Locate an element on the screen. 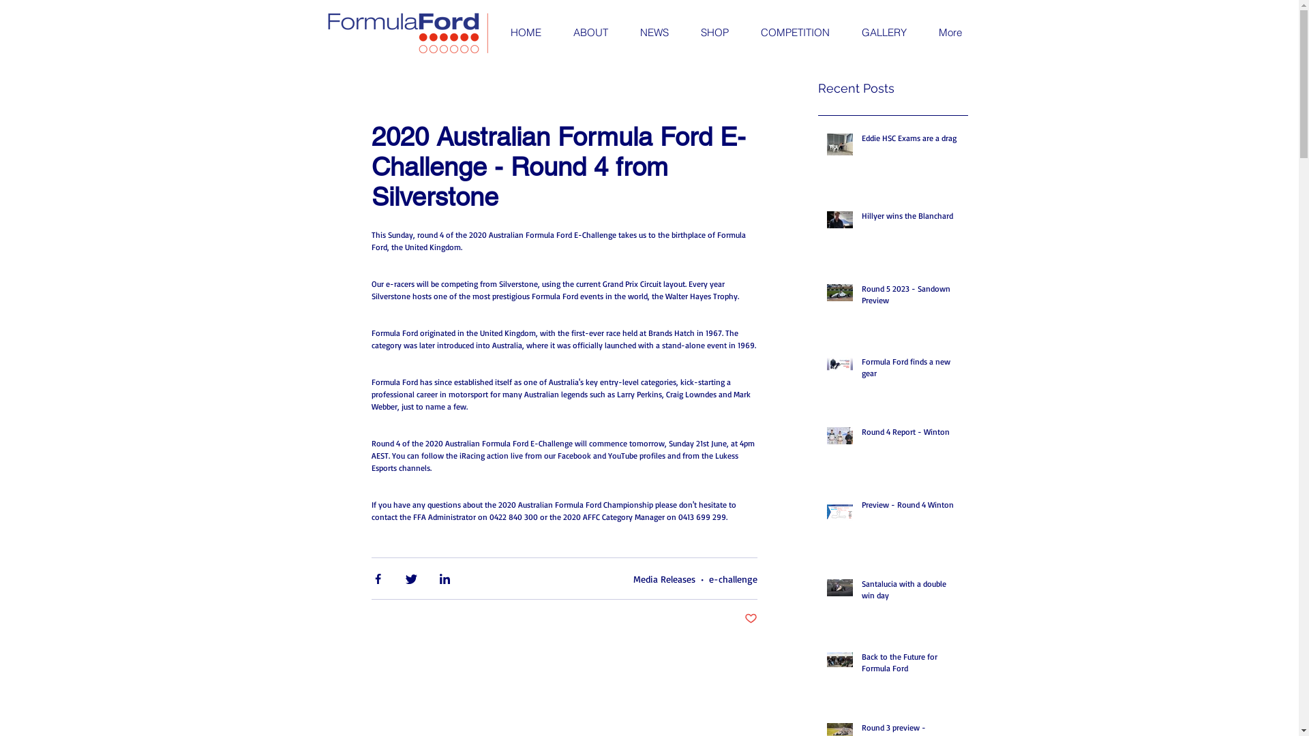  'Formula Ford finds a new gear' is located at coordinates (860, 370).